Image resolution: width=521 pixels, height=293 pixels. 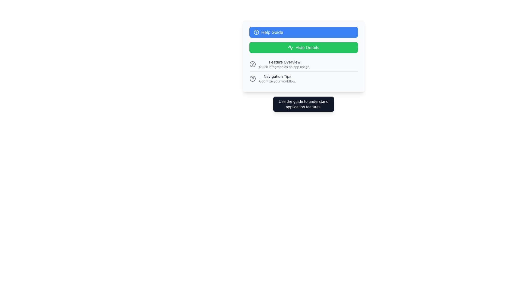 What do you see at coordinates (277, 81) in the screenshot?
I see `explanatory text 'Optimize your workflow.' located beneath the heading 'Navigation Tips' in the right section of the interface` at bounding box center [277, 81].